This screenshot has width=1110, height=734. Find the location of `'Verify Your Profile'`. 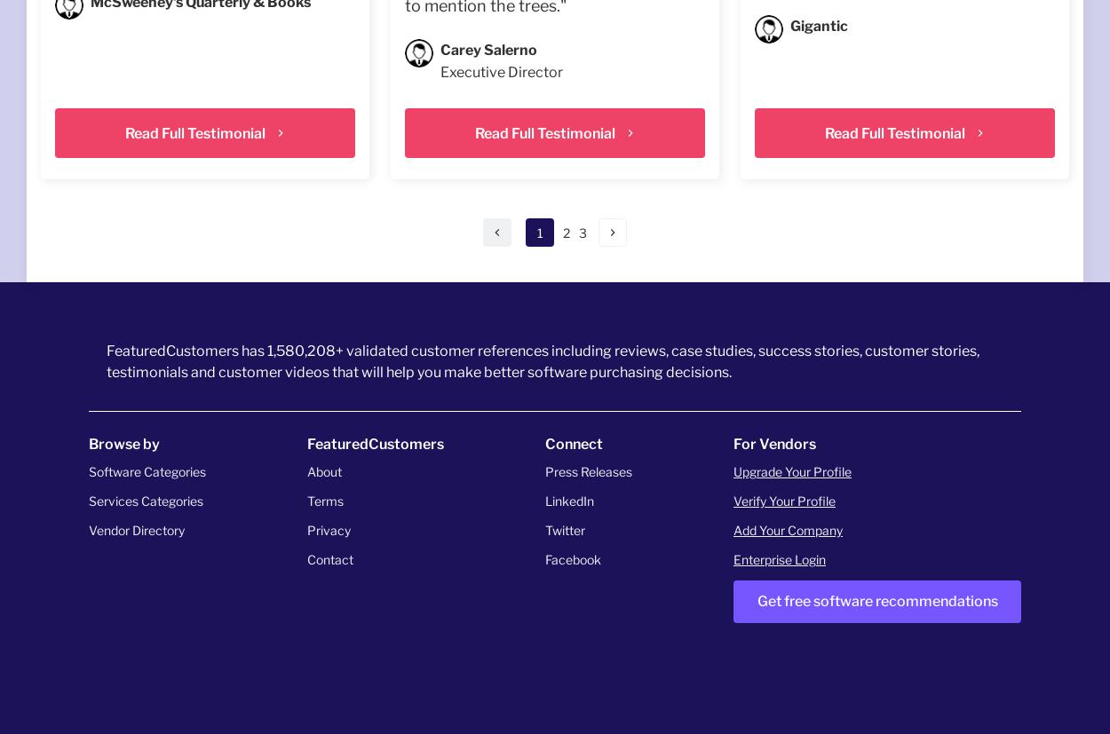

'Verify Your Profile' is located at coordinates (784, 500).